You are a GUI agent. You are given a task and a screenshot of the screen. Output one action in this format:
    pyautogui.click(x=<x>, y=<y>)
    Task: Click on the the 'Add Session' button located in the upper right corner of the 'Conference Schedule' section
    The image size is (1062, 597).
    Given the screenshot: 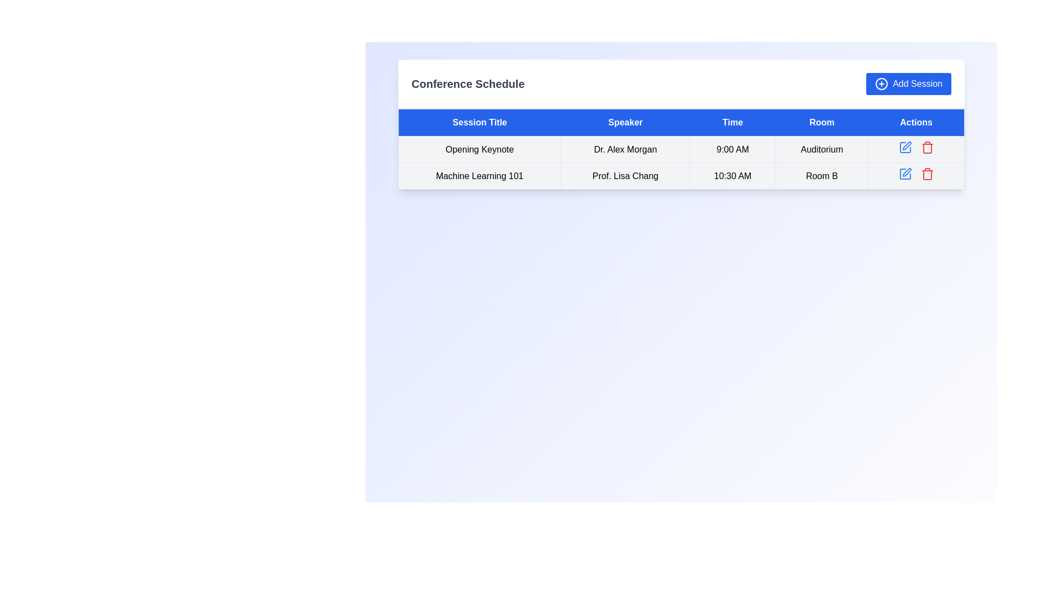 What is the action you would take?
    pyautogui.click(x=909, y=83)
    